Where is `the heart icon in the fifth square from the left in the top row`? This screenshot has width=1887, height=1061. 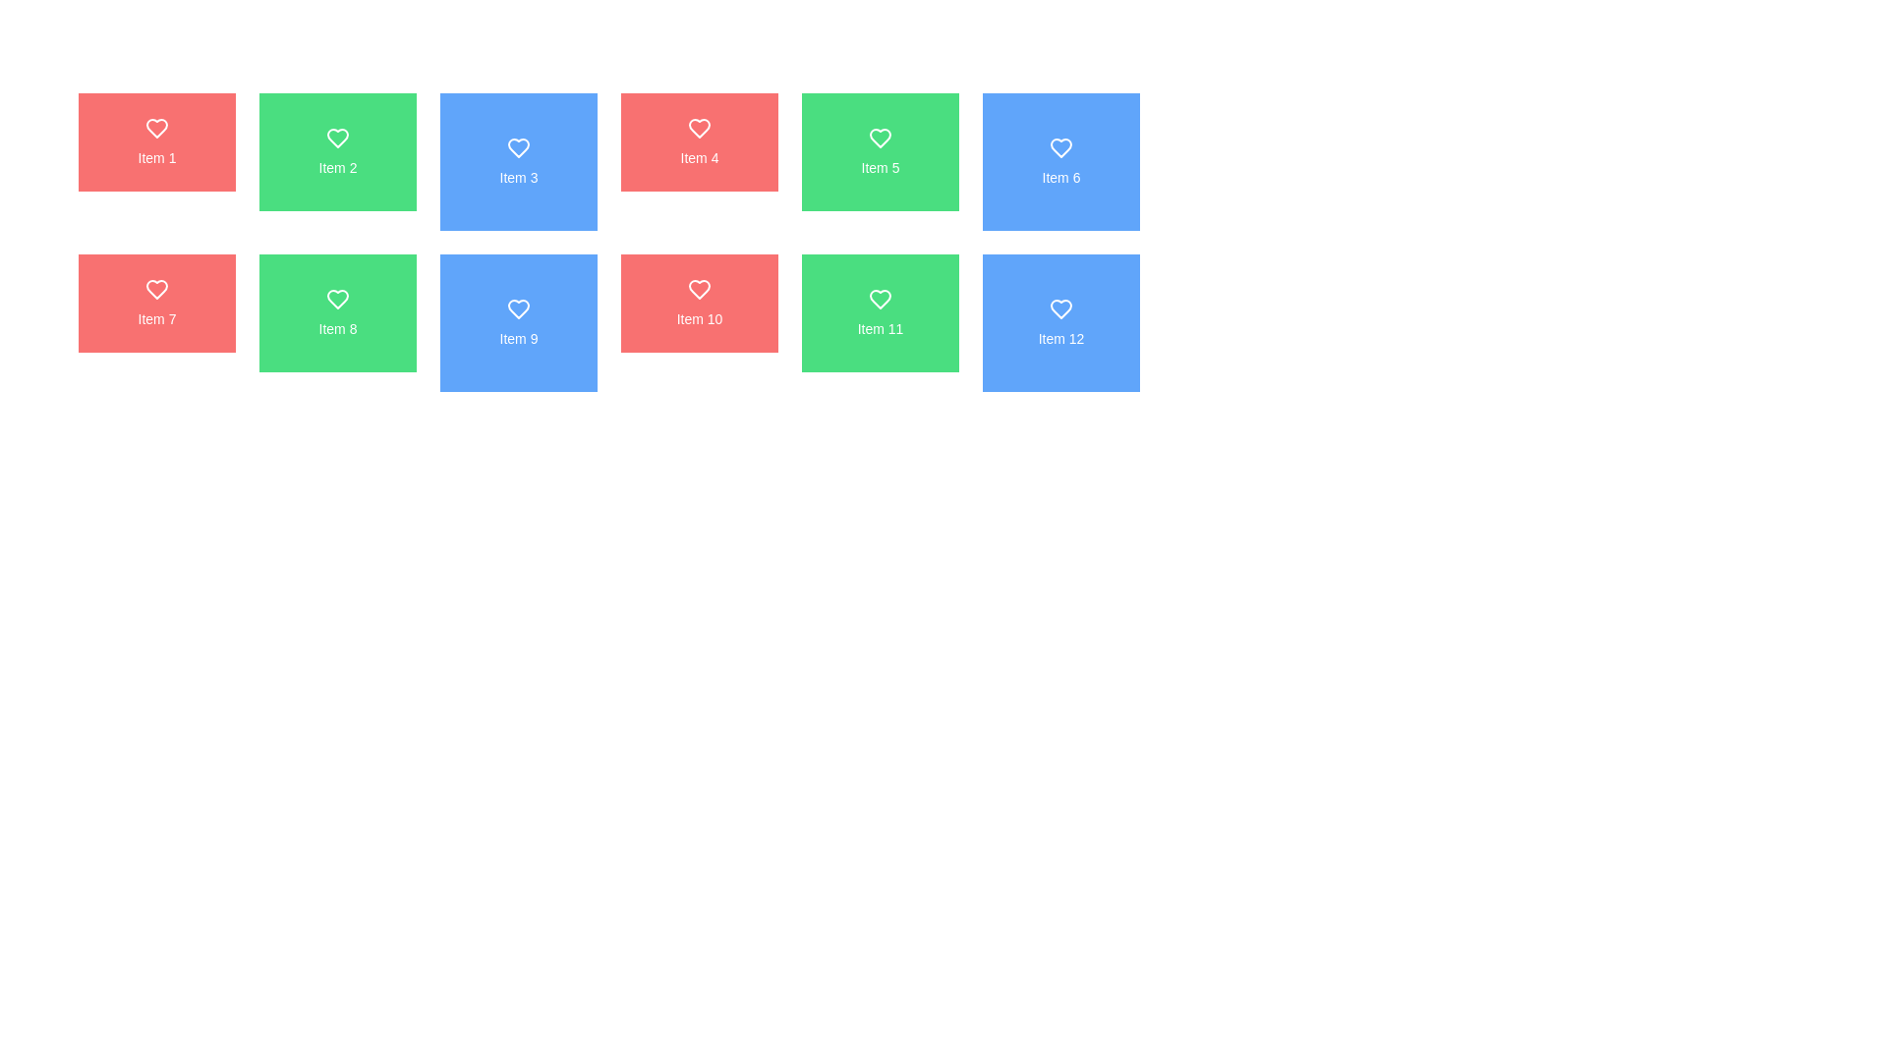 the heart icon in the fifth square from the left in the top row is located at coordinates (880, 138).